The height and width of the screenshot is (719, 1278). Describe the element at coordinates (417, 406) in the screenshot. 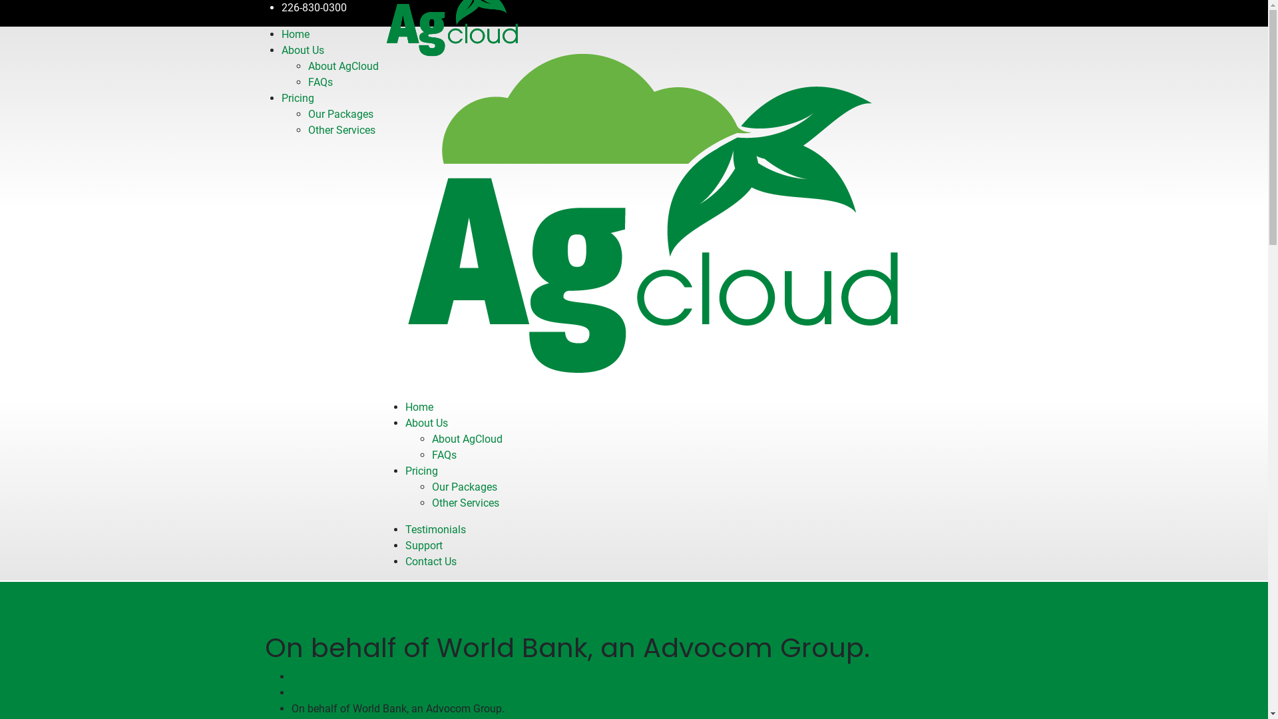

I see `'Home'` at that location.